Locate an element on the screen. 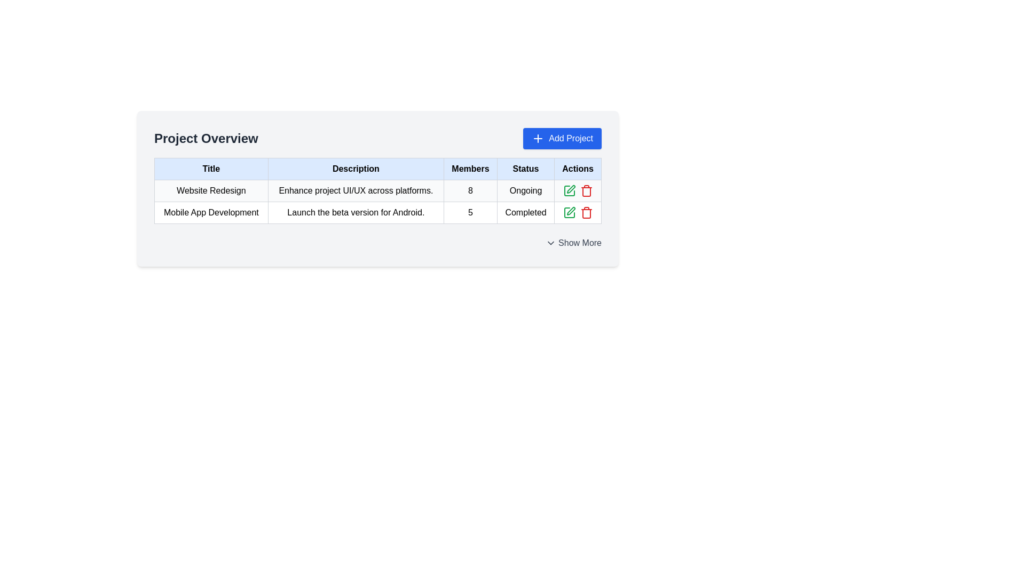 The image size is (1025, 576). the 'Completed' label in the 'Status' column of the 'Mobile App Development' row, which is the fourth cell of the data table is located at coordinates (526, 212).